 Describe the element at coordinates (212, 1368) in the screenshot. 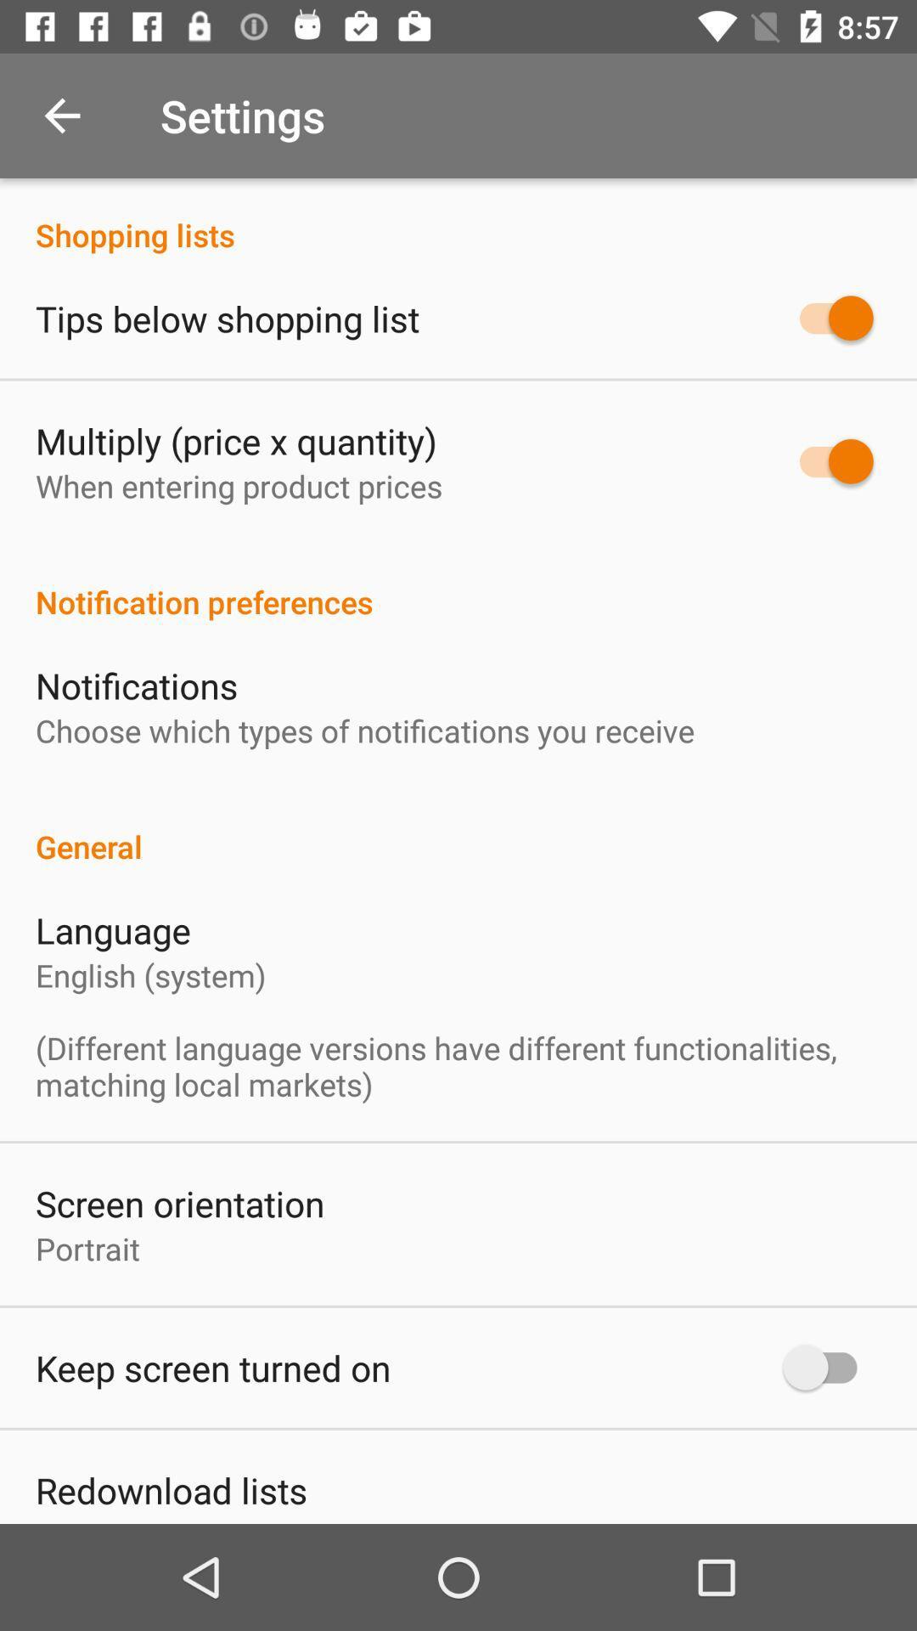

I see `the icon below portrait icon` at that location.